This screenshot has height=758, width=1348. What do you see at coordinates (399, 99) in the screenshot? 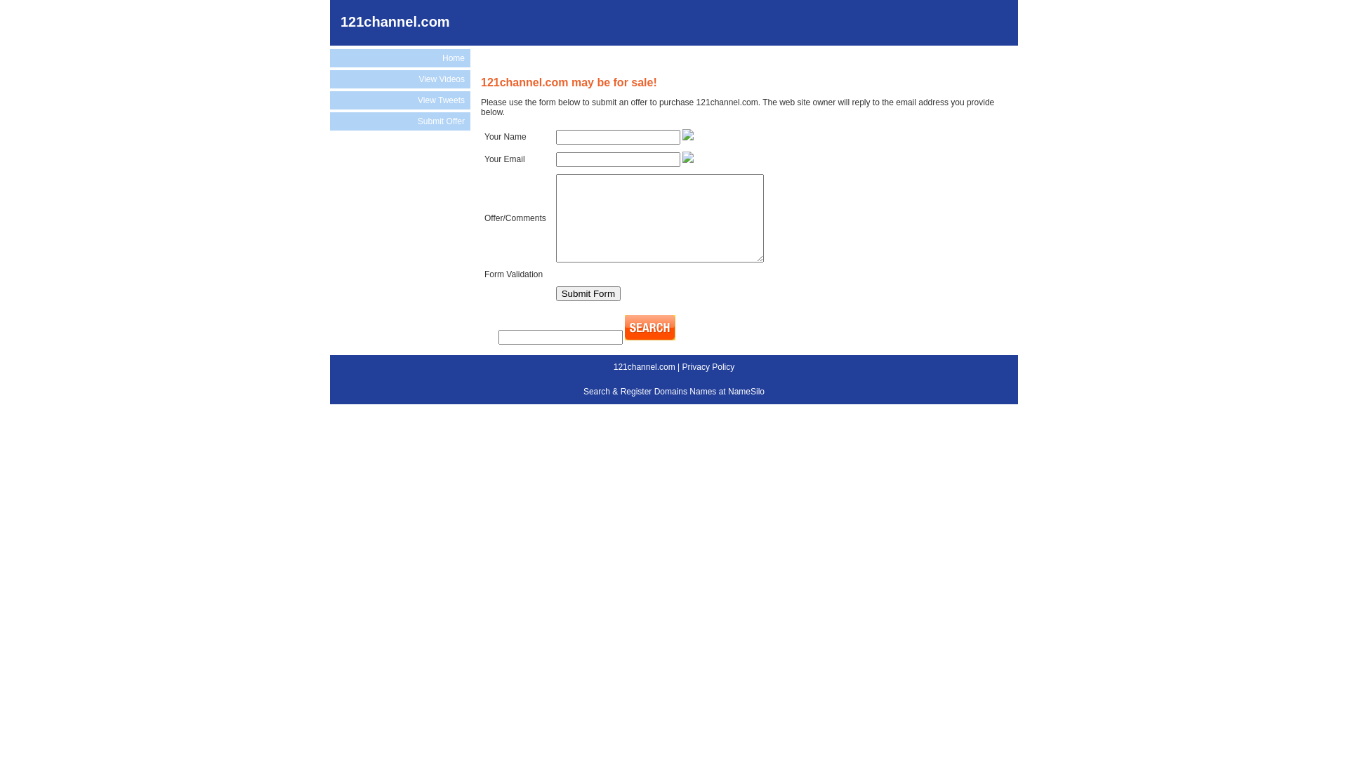
I see `'View Tweets'` at bounding box center [399, 99].